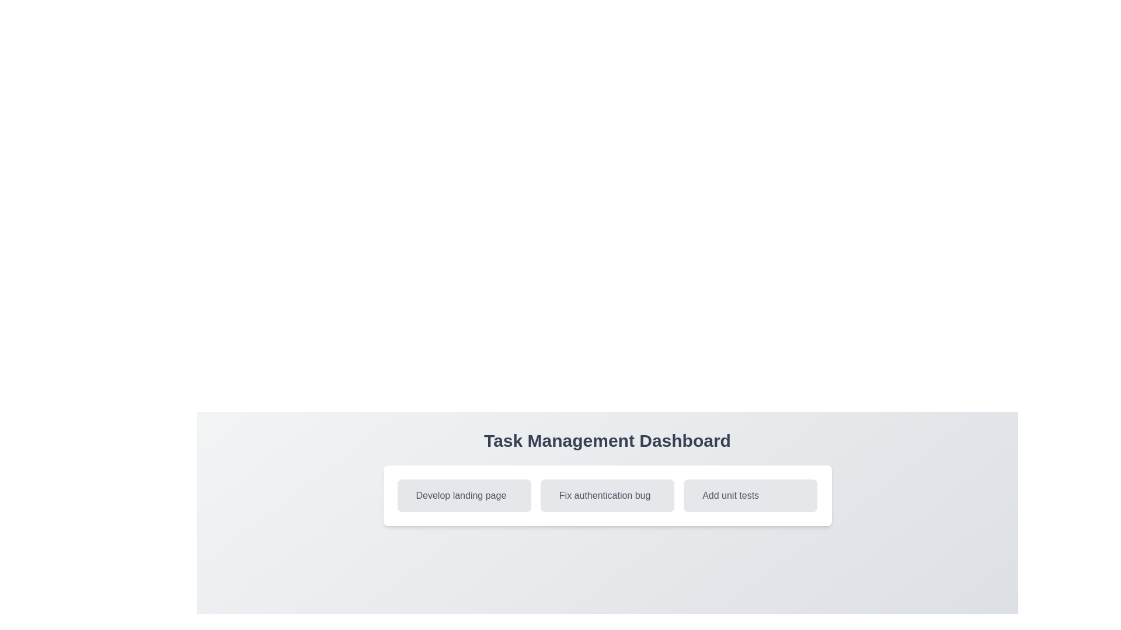  What do you see at coordinates (607, 495) in the screenshot?
I see `the task item labeled 'Fix authentication bug'` at bounding box center [607, 495].